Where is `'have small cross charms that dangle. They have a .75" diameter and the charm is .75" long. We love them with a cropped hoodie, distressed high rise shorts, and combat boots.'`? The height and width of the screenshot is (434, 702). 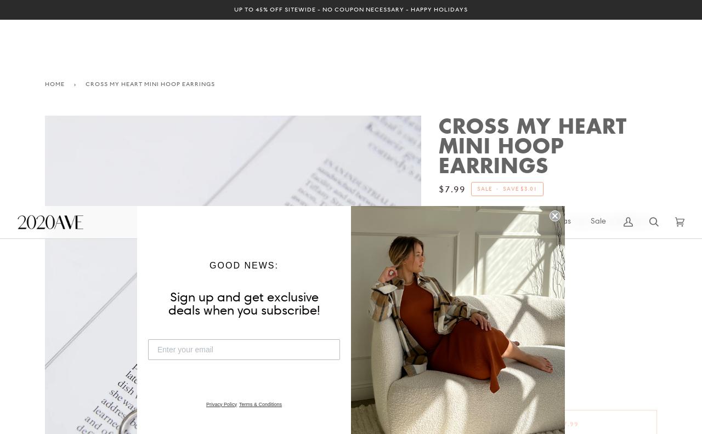
'have small cross charms that dangle. They have a .75" diameter and the charm is .75" long. We love them with a cropped hoodie, distressed high rise shorts, and combat boots.' is located at coordinates (437, 355).